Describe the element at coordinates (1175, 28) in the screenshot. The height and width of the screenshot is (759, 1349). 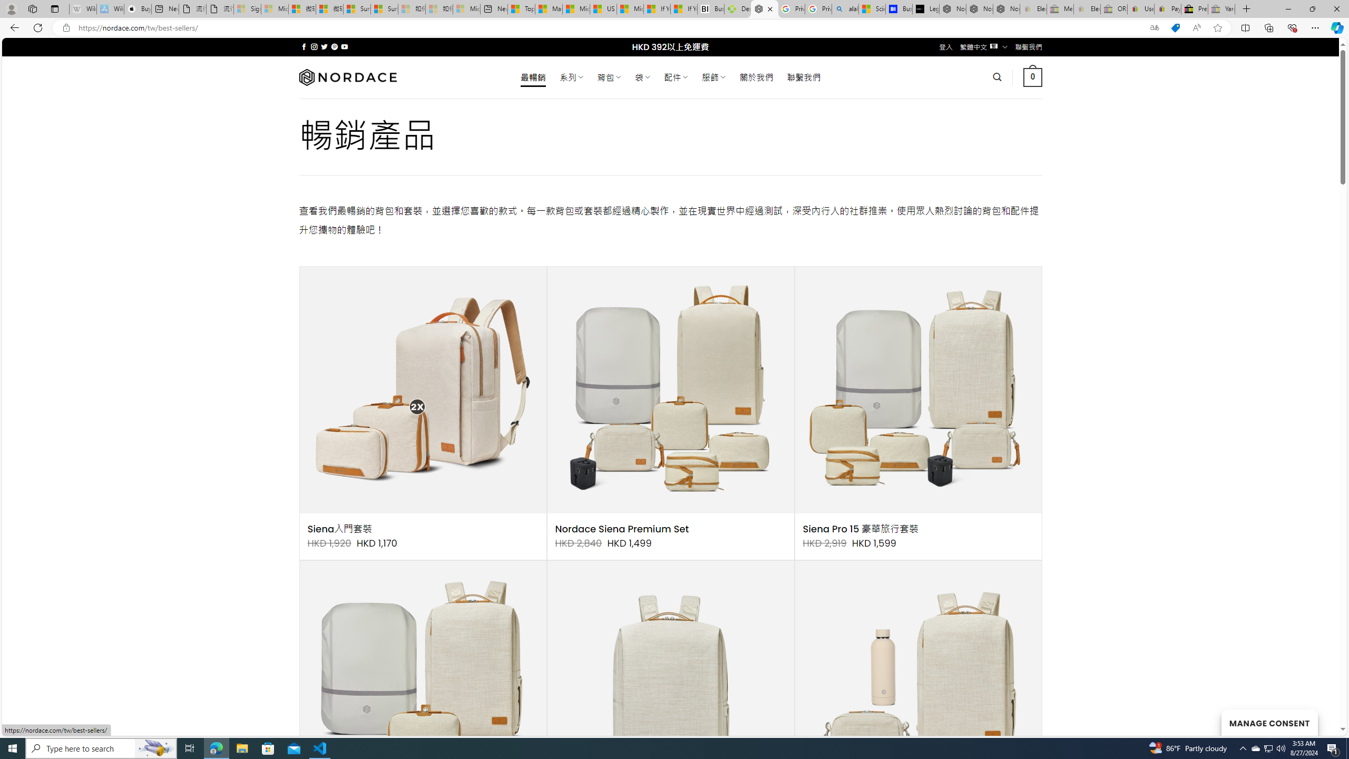
I see `'This site has coupons! Shopping in Microsoft Edge'` at that location.